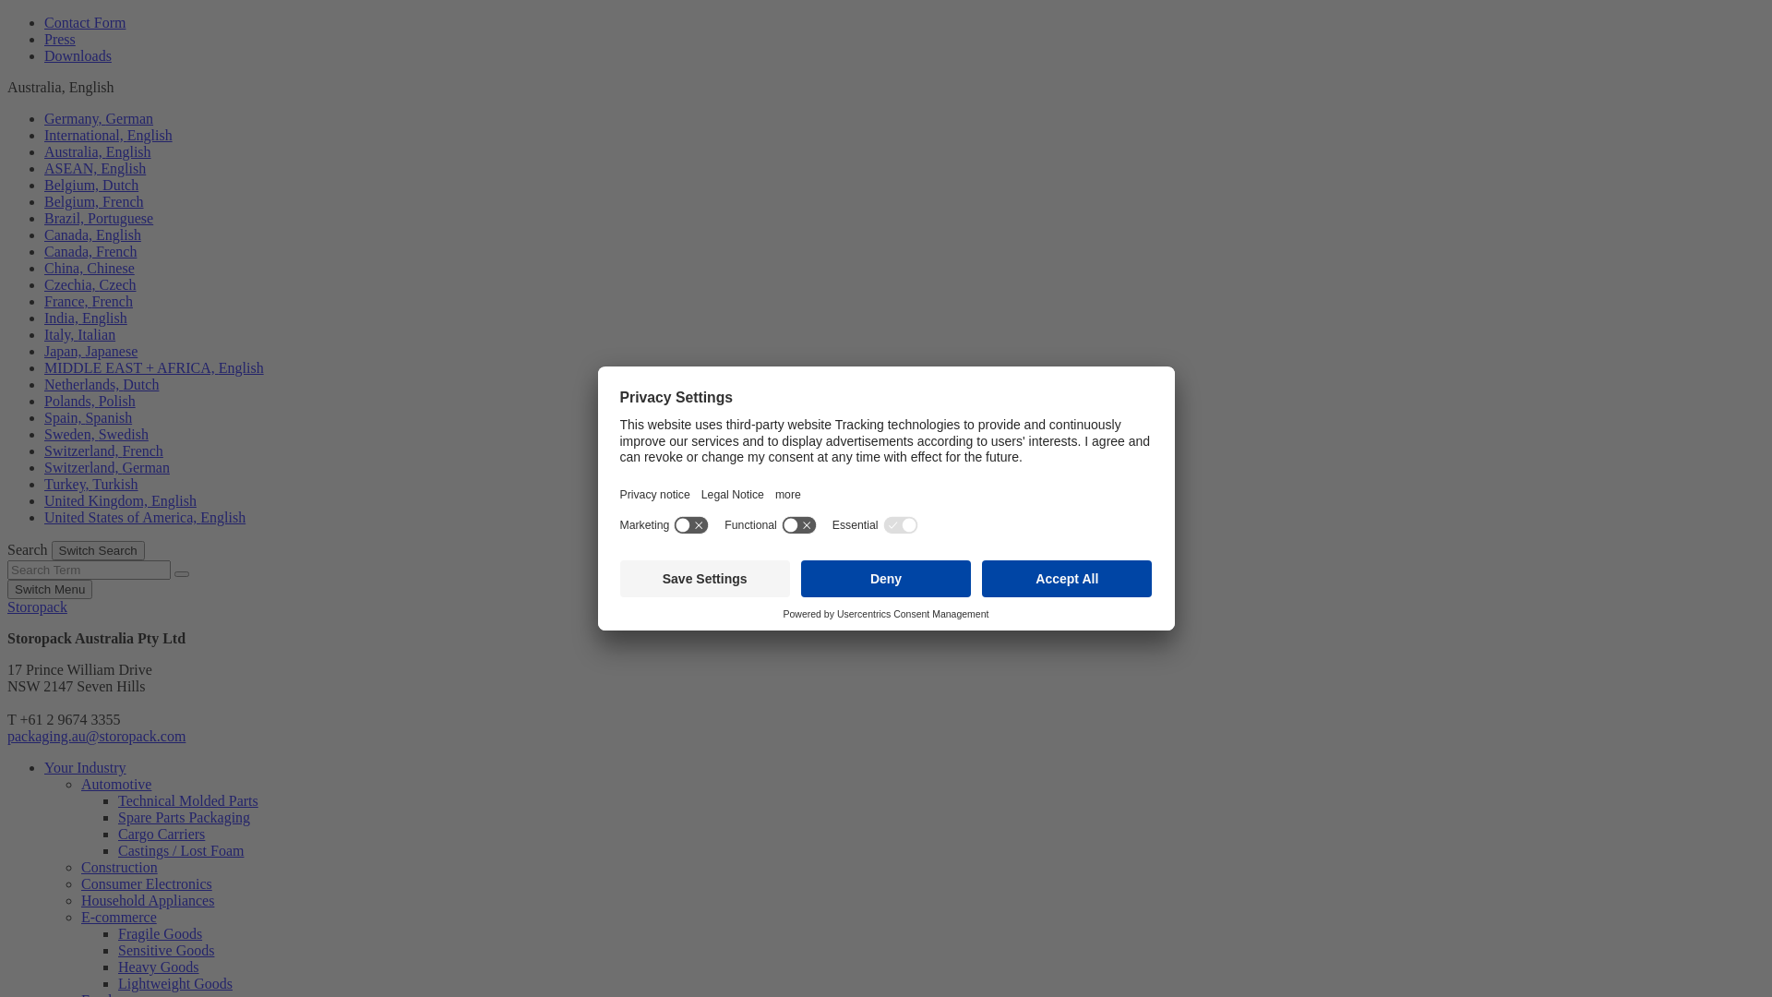 The image size is (1772, 997). Describe the element at coordinates (84, 317) in the screenshot. I see `'India, English'` at that location.